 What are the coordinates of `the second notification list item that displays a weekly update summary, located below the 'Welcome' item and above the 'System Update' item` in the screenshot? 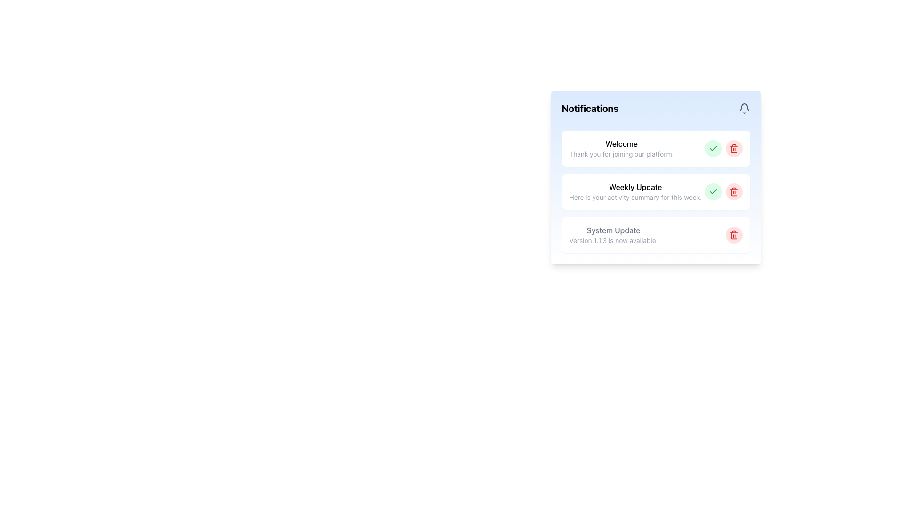 It's located at (655, 177).